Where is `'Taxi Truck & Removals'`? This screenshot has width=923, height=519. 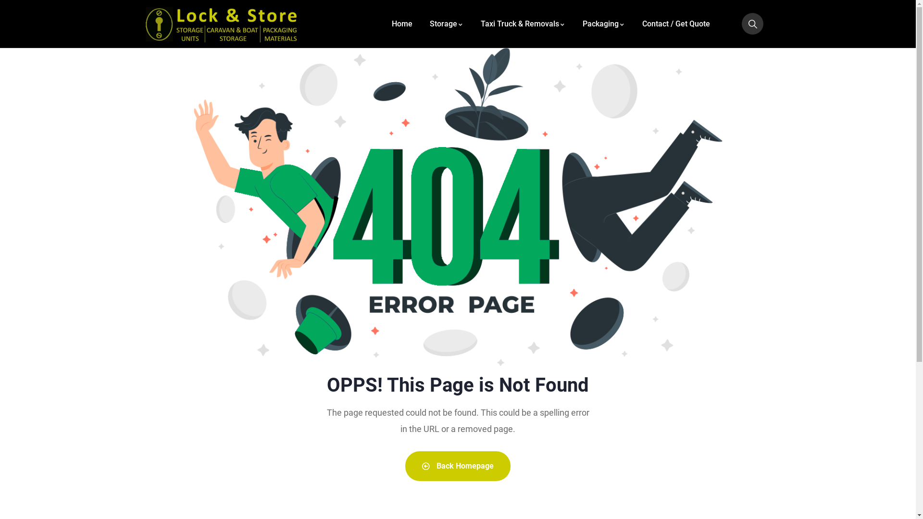
'Taxi Truck & Removals' is located at coordinates (523, 23).